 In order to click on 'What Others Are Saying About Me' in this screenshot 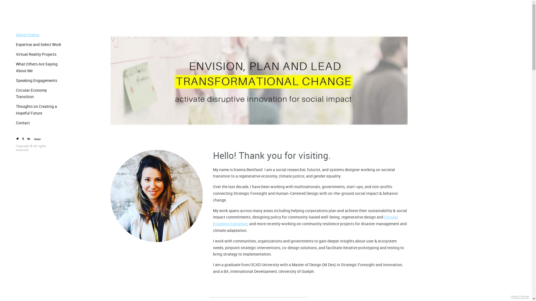, I will do `click(16, 67)`.